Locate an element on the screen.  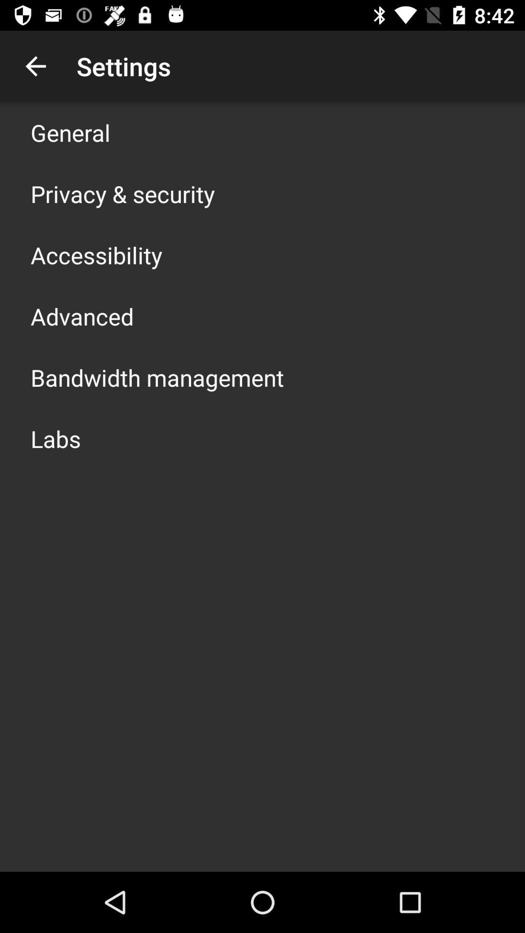
item above general item is located at coordinates (35, 66).